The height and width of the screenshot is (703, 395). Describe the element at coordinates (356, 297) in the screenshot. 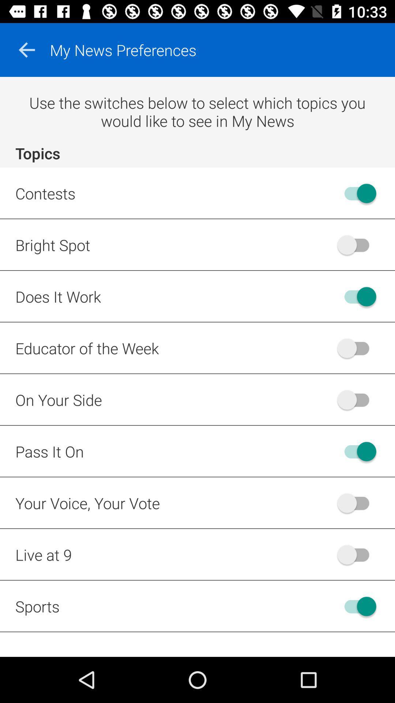

I see `the does it work topic` at that location.